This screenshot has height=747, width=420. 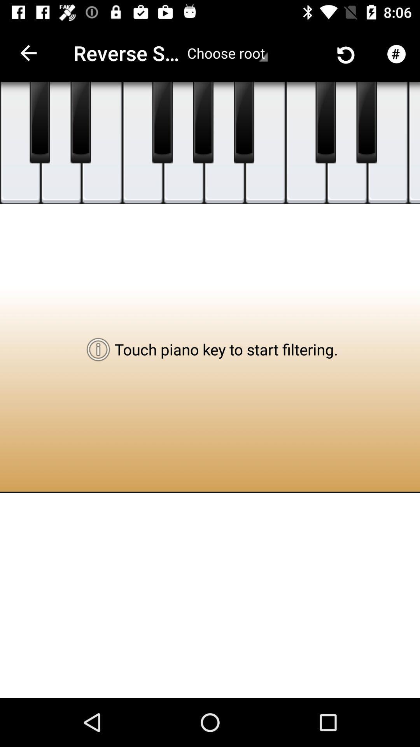 What do you see at coordinates (162, 122) in the screenshot?
I see `start filtering` at bounding box center [162, 122].